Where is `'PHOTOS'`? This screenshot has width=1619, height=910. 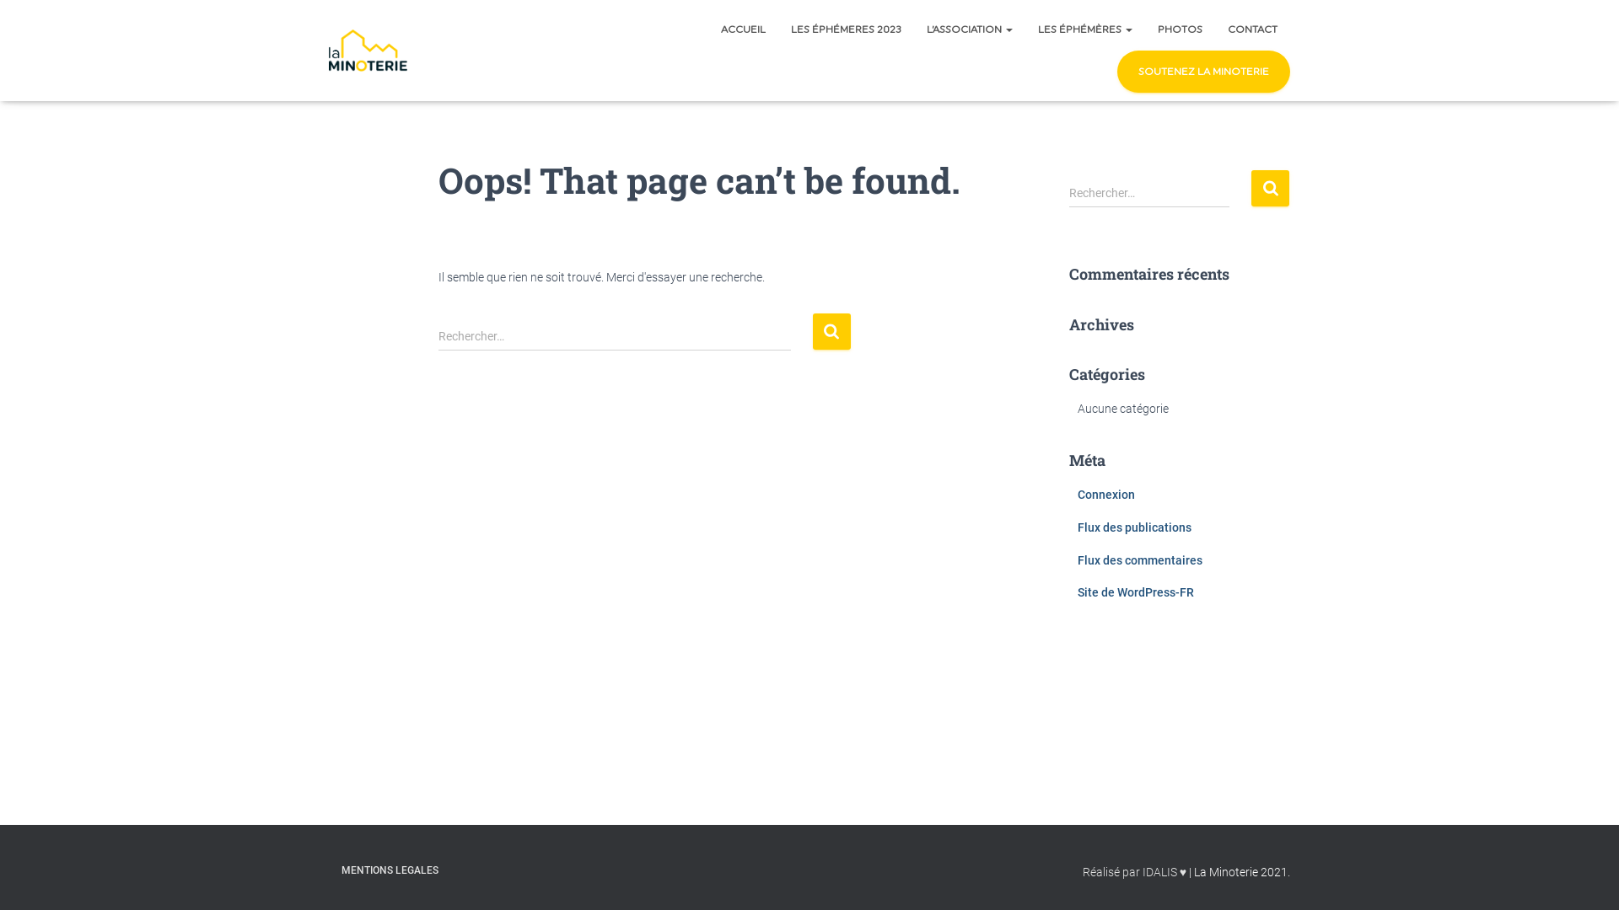
'PHOTOS' is located at coordinates (1179, 29).